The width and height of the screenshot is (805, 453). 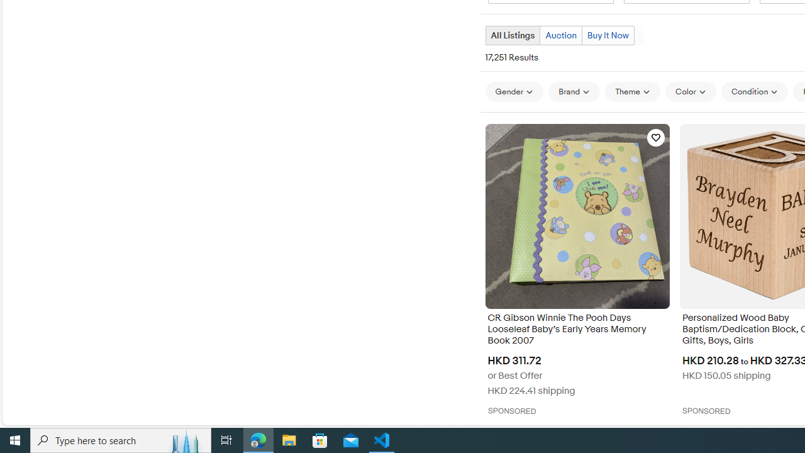 I want to click on 'Buy It Now', so click(x=608, y=35).